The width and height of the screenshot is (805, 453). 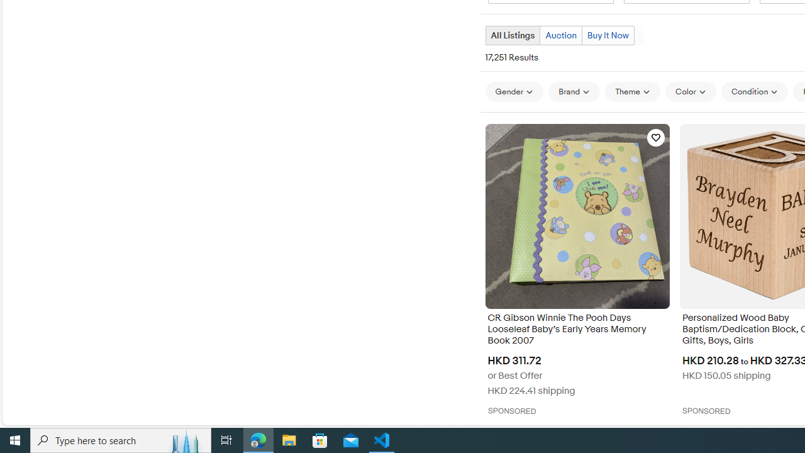 I want to click on 'Buy It Now', so click(x=608, y=35).